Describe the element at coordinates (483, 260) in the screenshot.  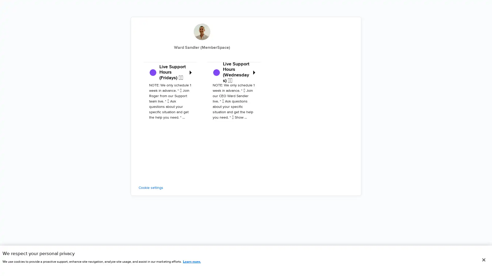
I see `Close` at that location.